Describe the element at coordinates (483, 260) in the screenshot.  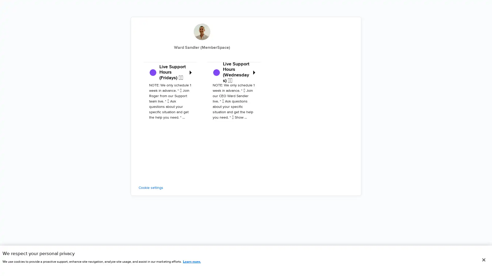
I see `Close` at that location.